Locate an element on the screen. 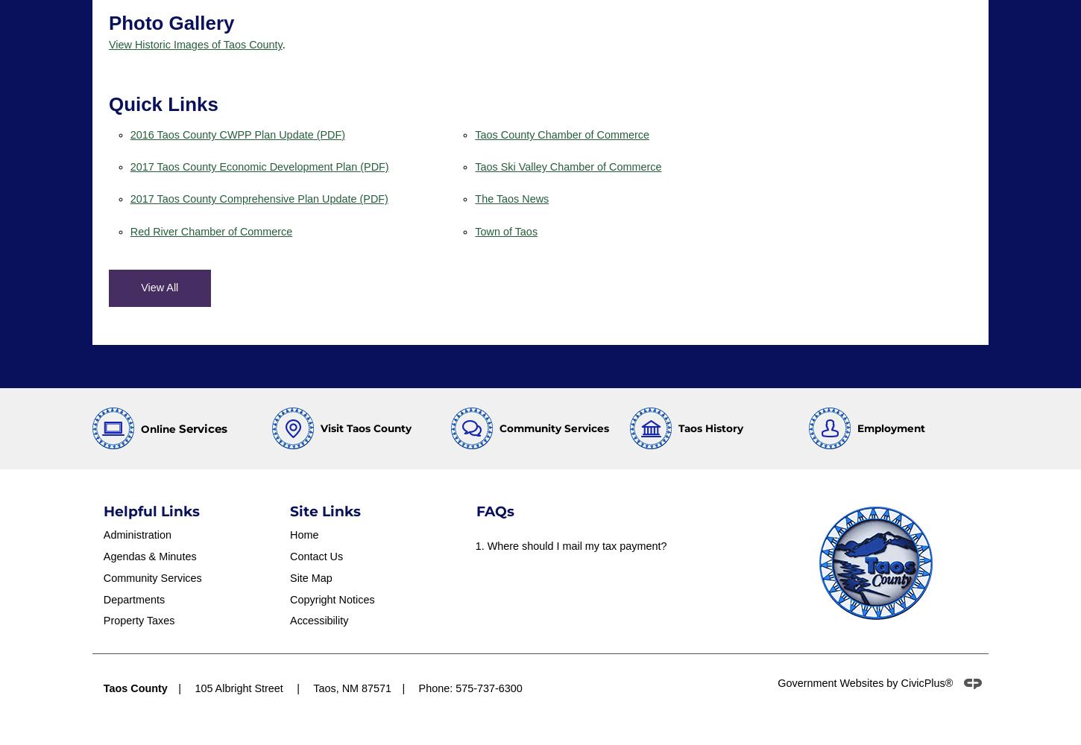 This screenshot has height=745, width=1081. 'Government Websites by' is located at coordinates (838, 682).